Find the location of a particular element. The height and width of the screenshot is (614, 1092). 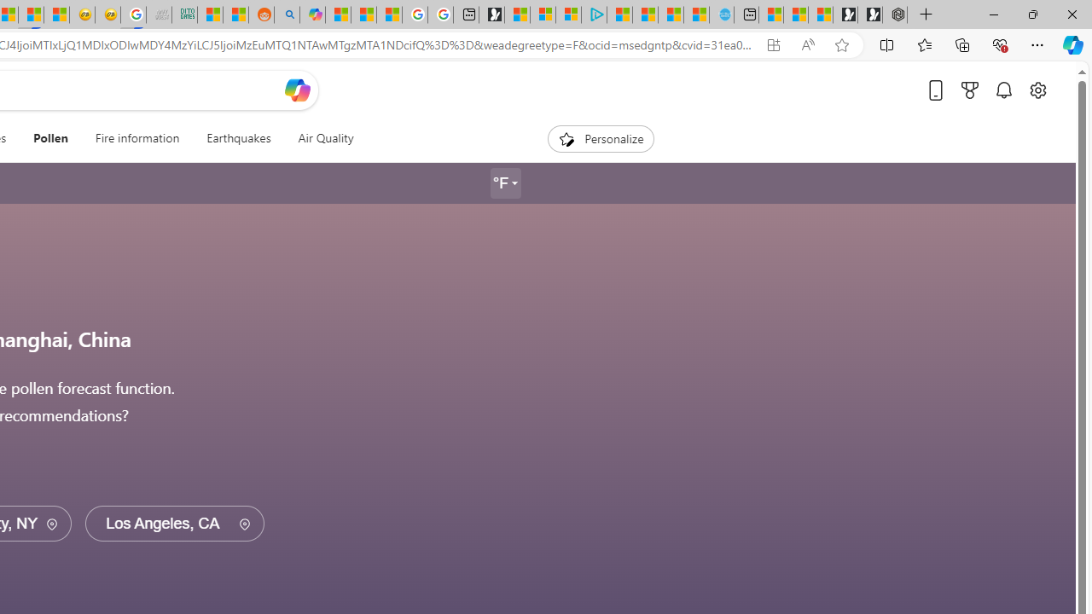

'Air Quality' is located at coordinates (318, 138).